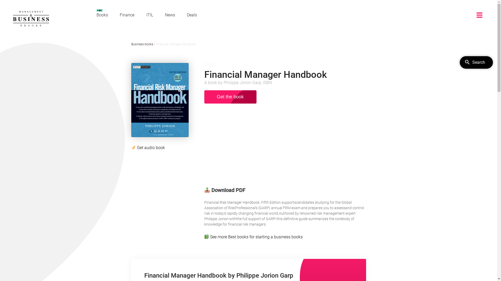  I want to click on 'Get the book', so click(230, 97).